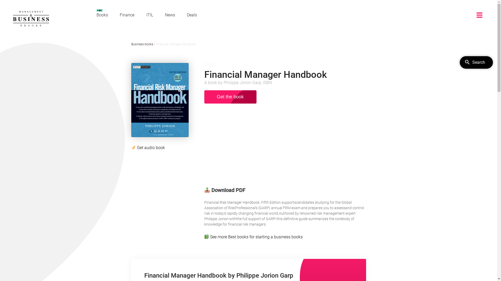  I want to click on 'Get the book', so click(230, 97).